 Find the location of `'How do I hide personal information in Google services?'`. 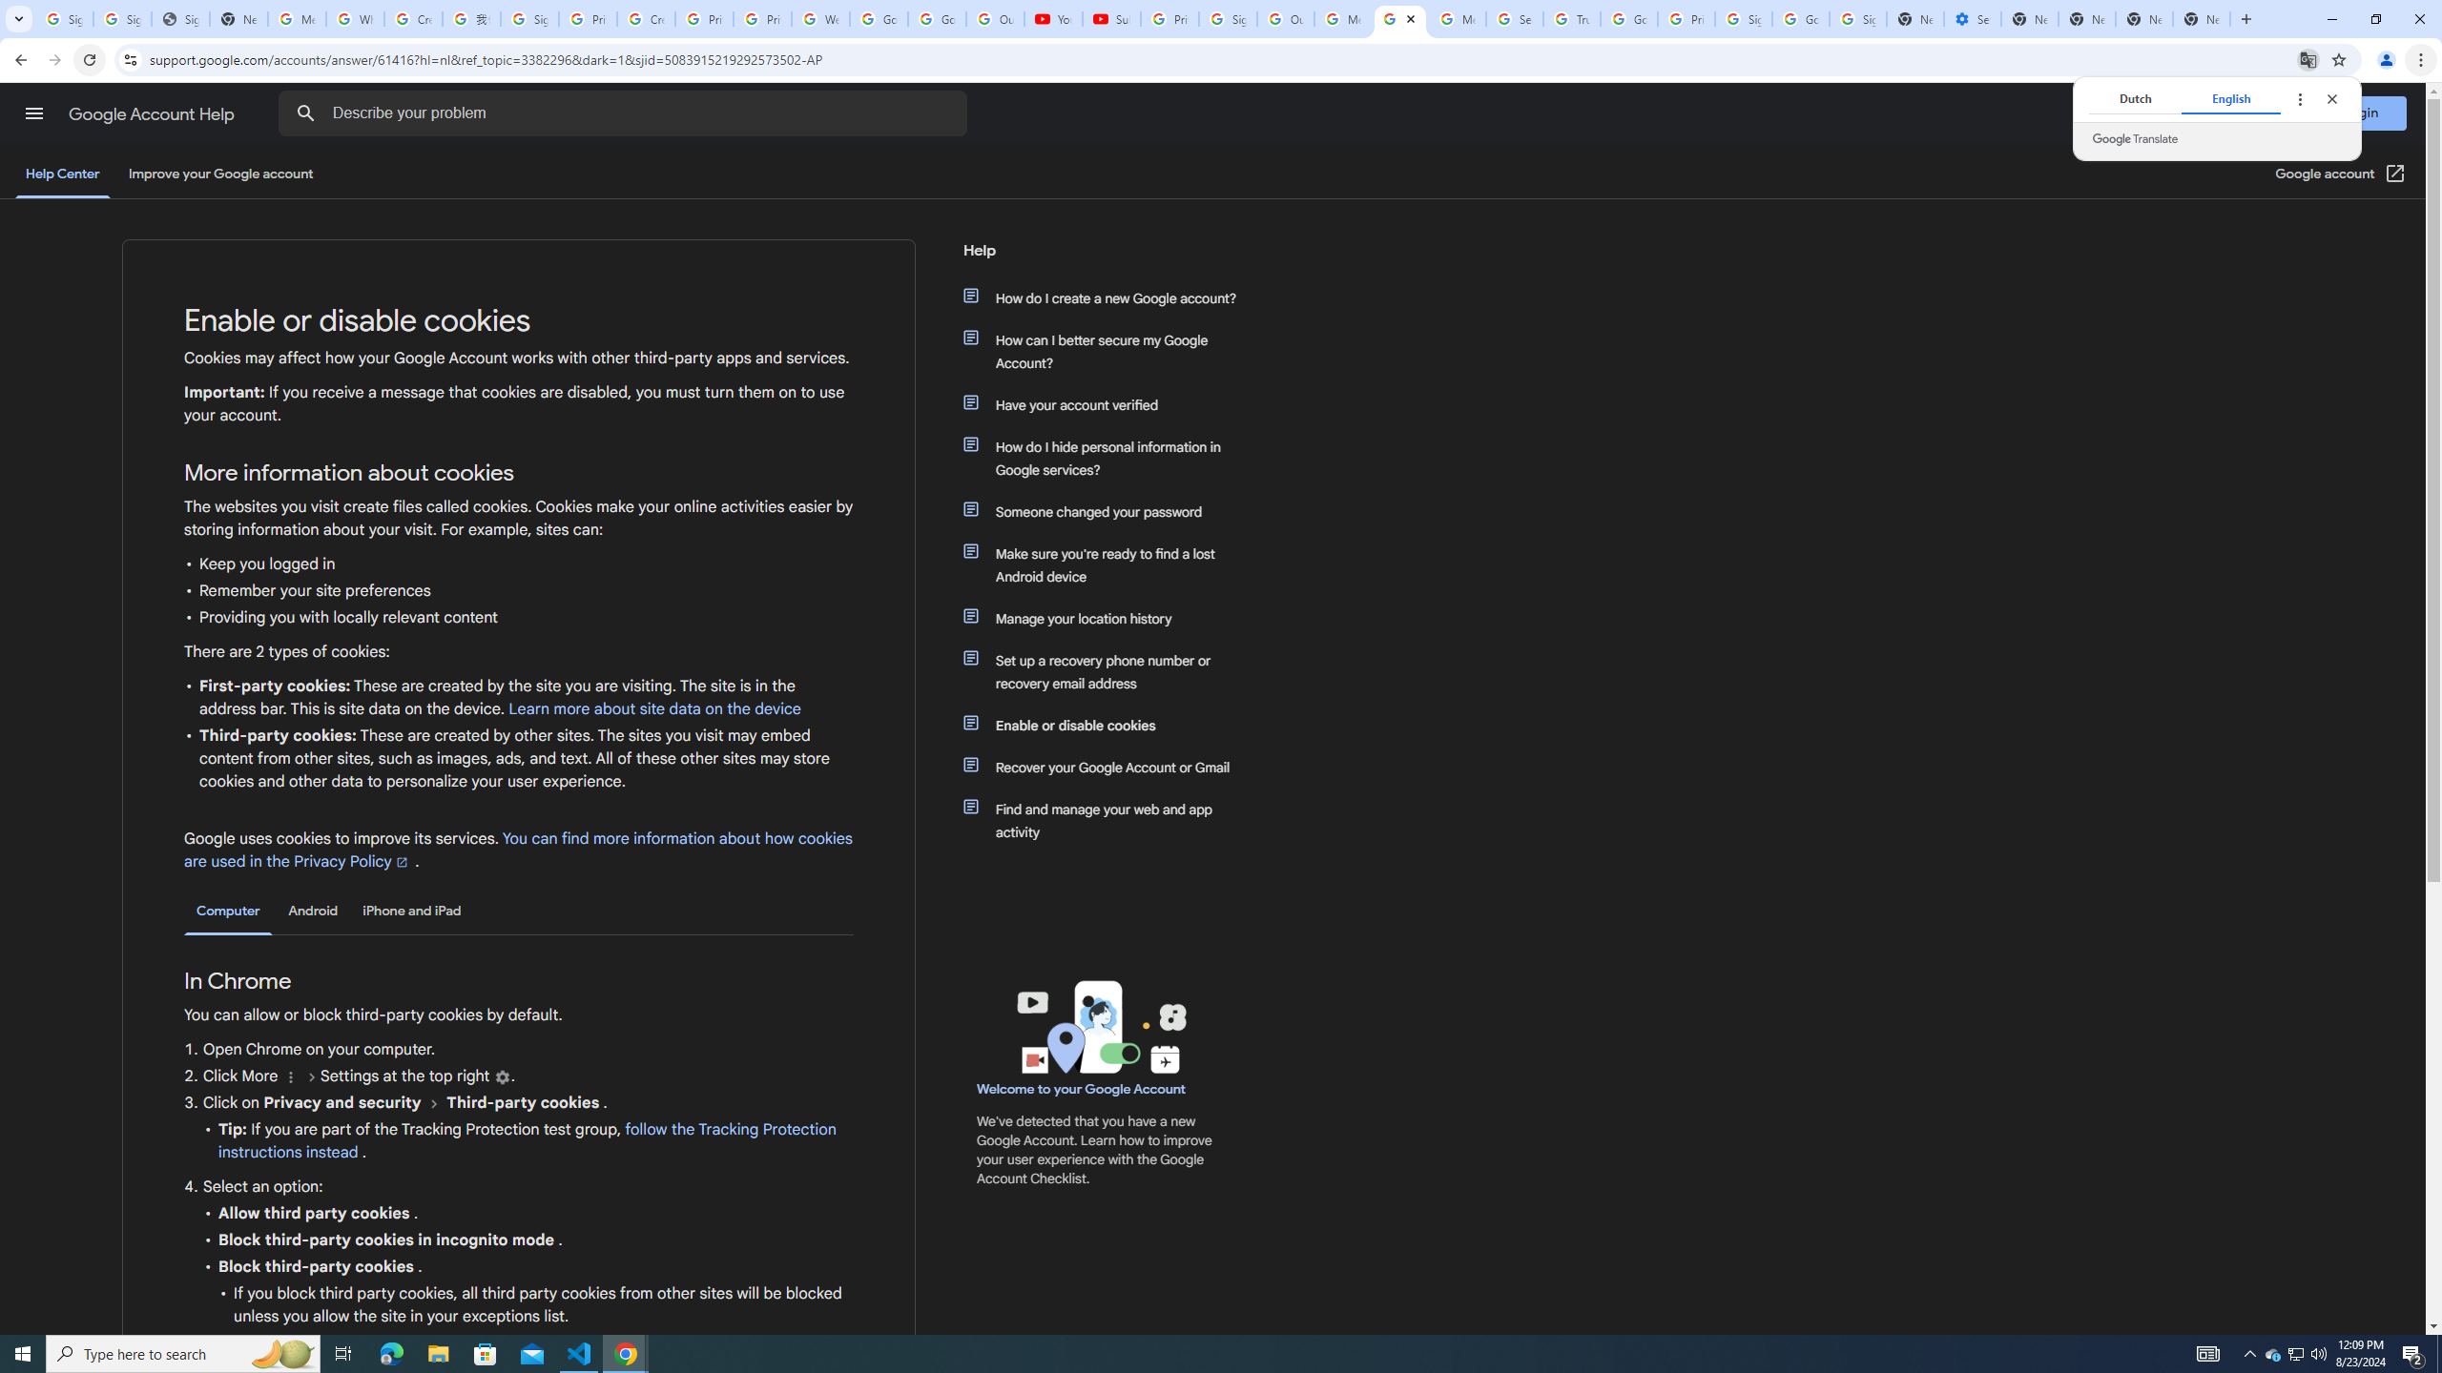

'How do I hide personal information in Google services?' is located at coordinates (1108, 457).